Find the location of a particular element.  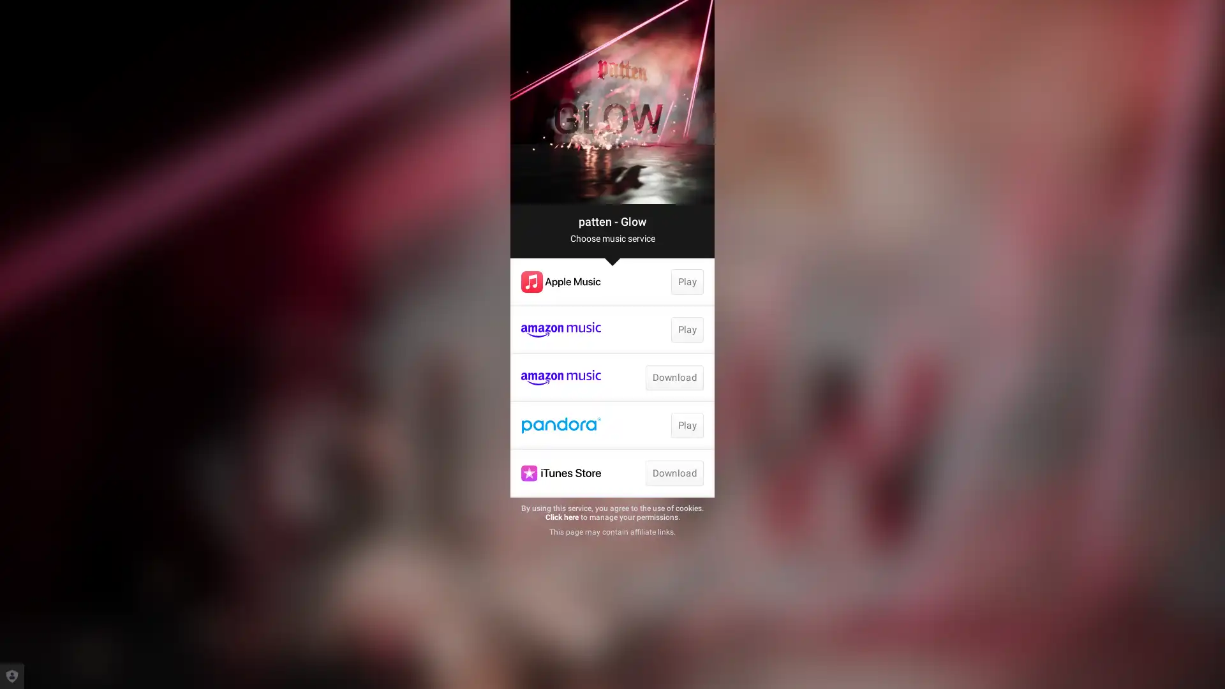

Download is located at coordinates (673, 473).